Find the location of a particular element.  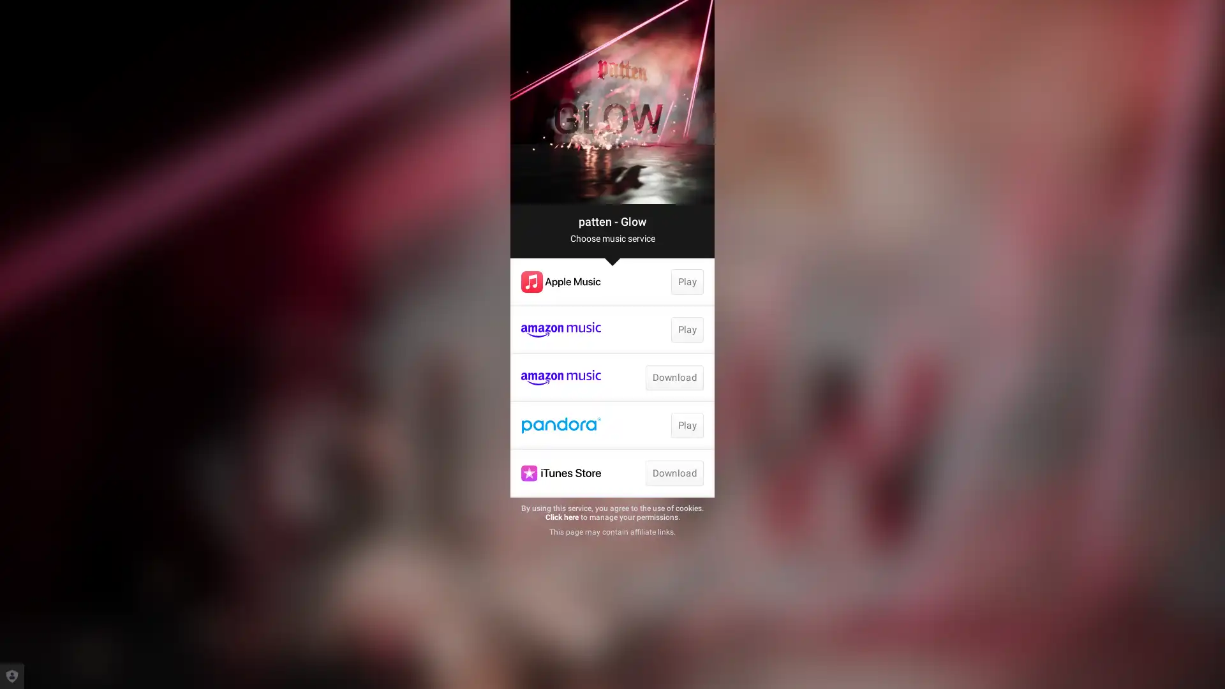

Download is located at coordinates (673, 473).